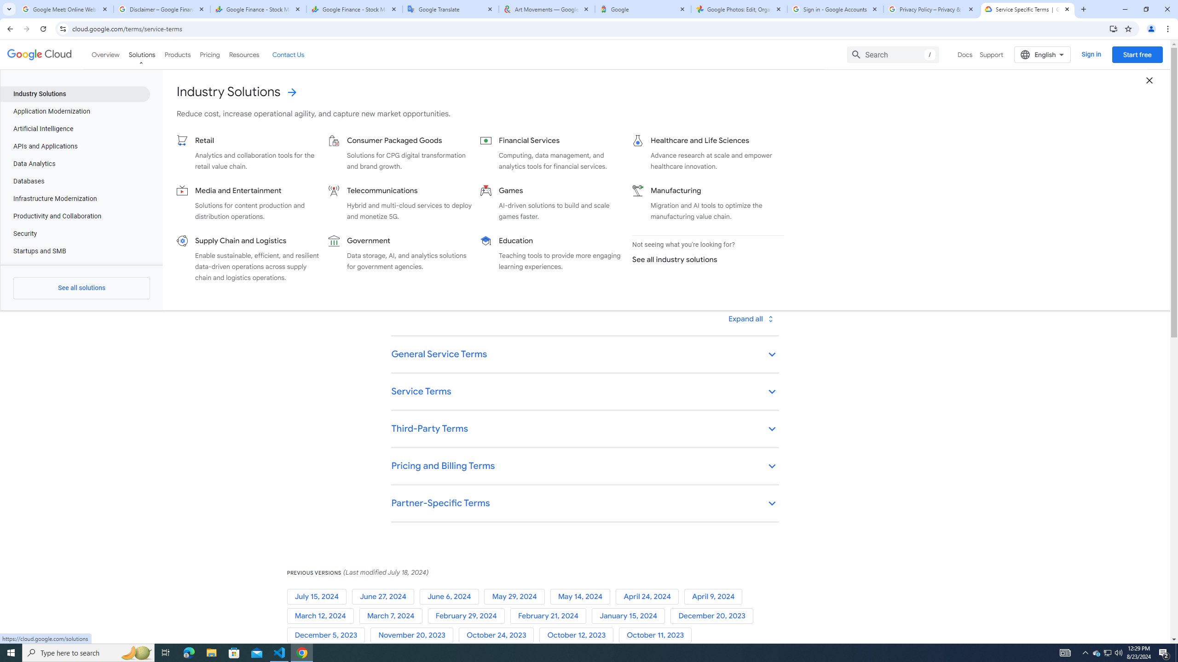 Image resolution: width=1178 pixels, height=662 pixels. What do you see at coordinates (75, 234) in the screenshot?
I see `'Security'` at bounding box center [75, 234].